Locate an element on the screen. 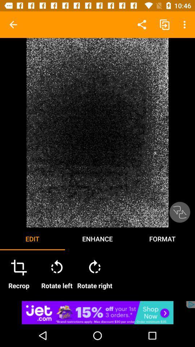  approve changes is located at coordinates (179, 212).